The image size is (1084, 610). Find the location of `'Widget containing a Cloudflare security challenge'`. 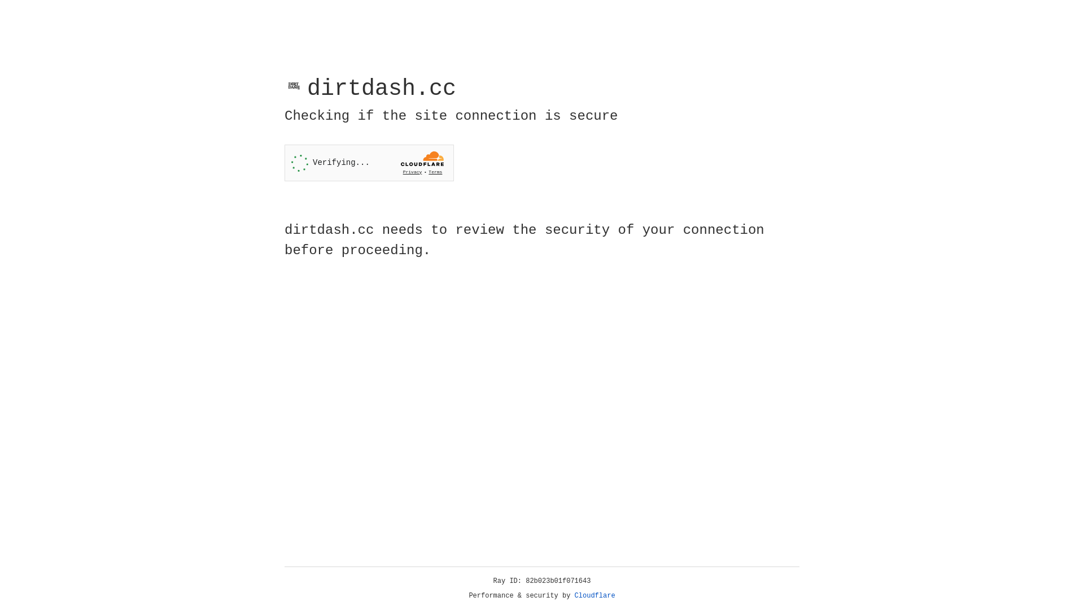

'Widget containing a Cloudflare security challenge' is located at coordinates (369, 163).